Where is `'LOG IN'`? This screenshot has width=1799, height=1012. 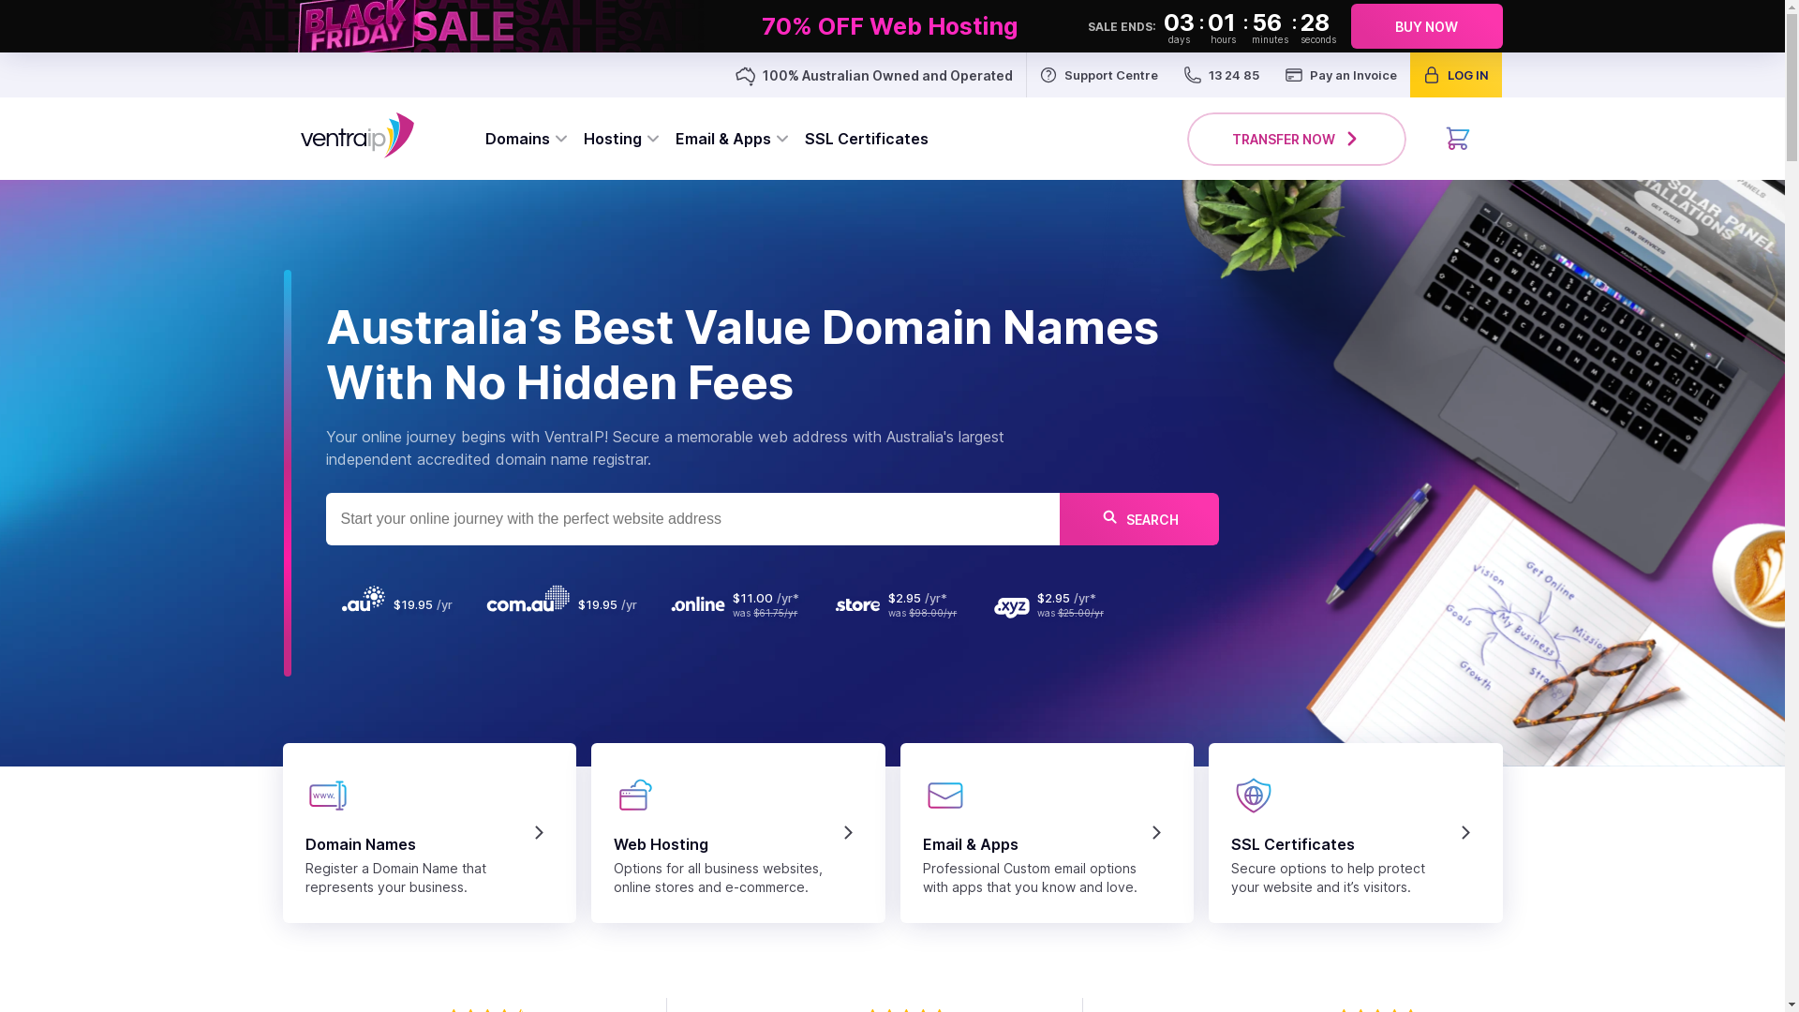 'LOG IN' is located at coordinates (1454, 74).